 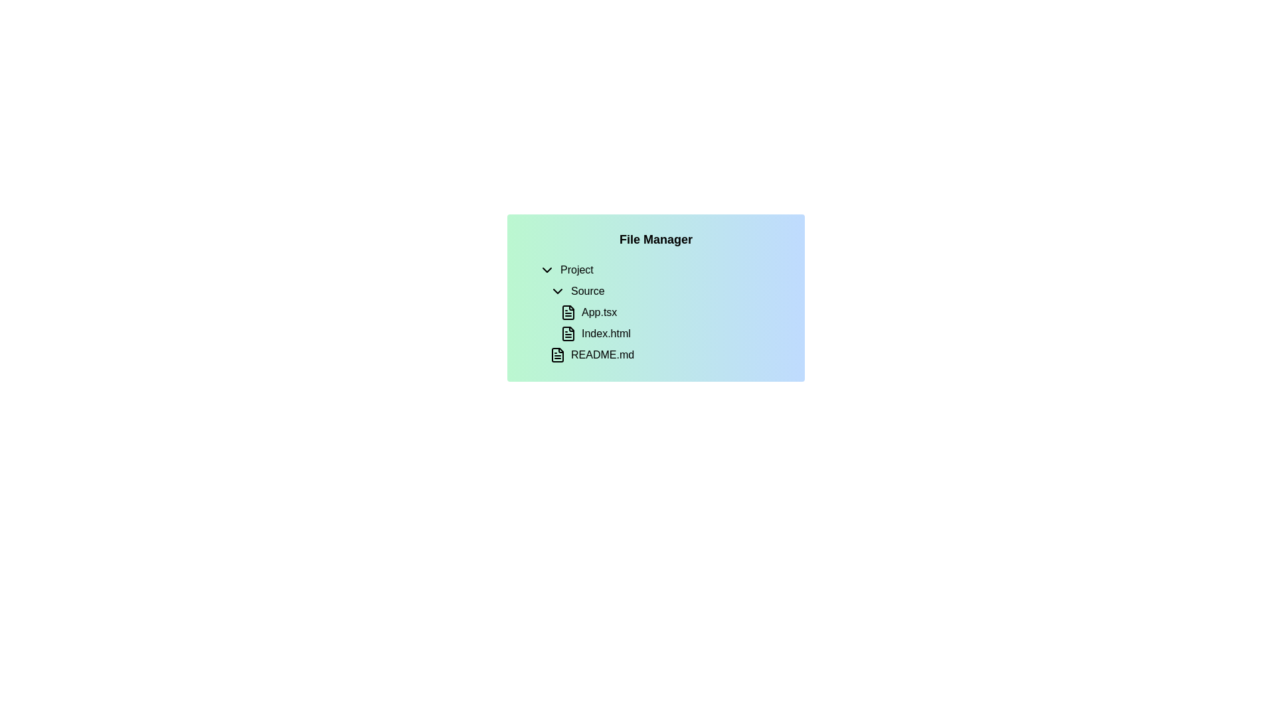 What do you see at coordinates (672, 312) in the screenshot?
I see `the 'App.tsx' file entry in the file tree` at bounding box center [672, 312].